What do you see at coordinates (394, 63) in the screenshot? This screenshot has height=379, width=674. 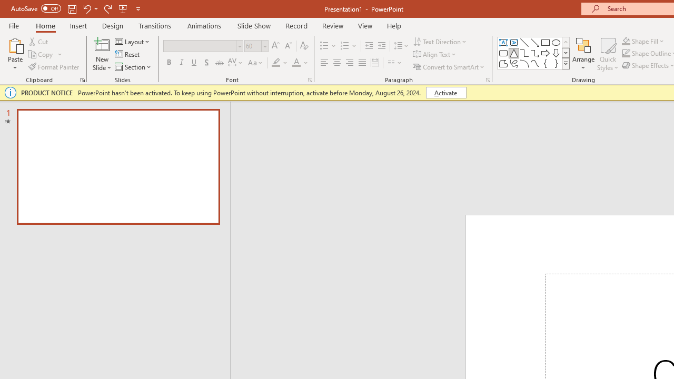 I see `'Columns'` at bounding box center [394, 63].